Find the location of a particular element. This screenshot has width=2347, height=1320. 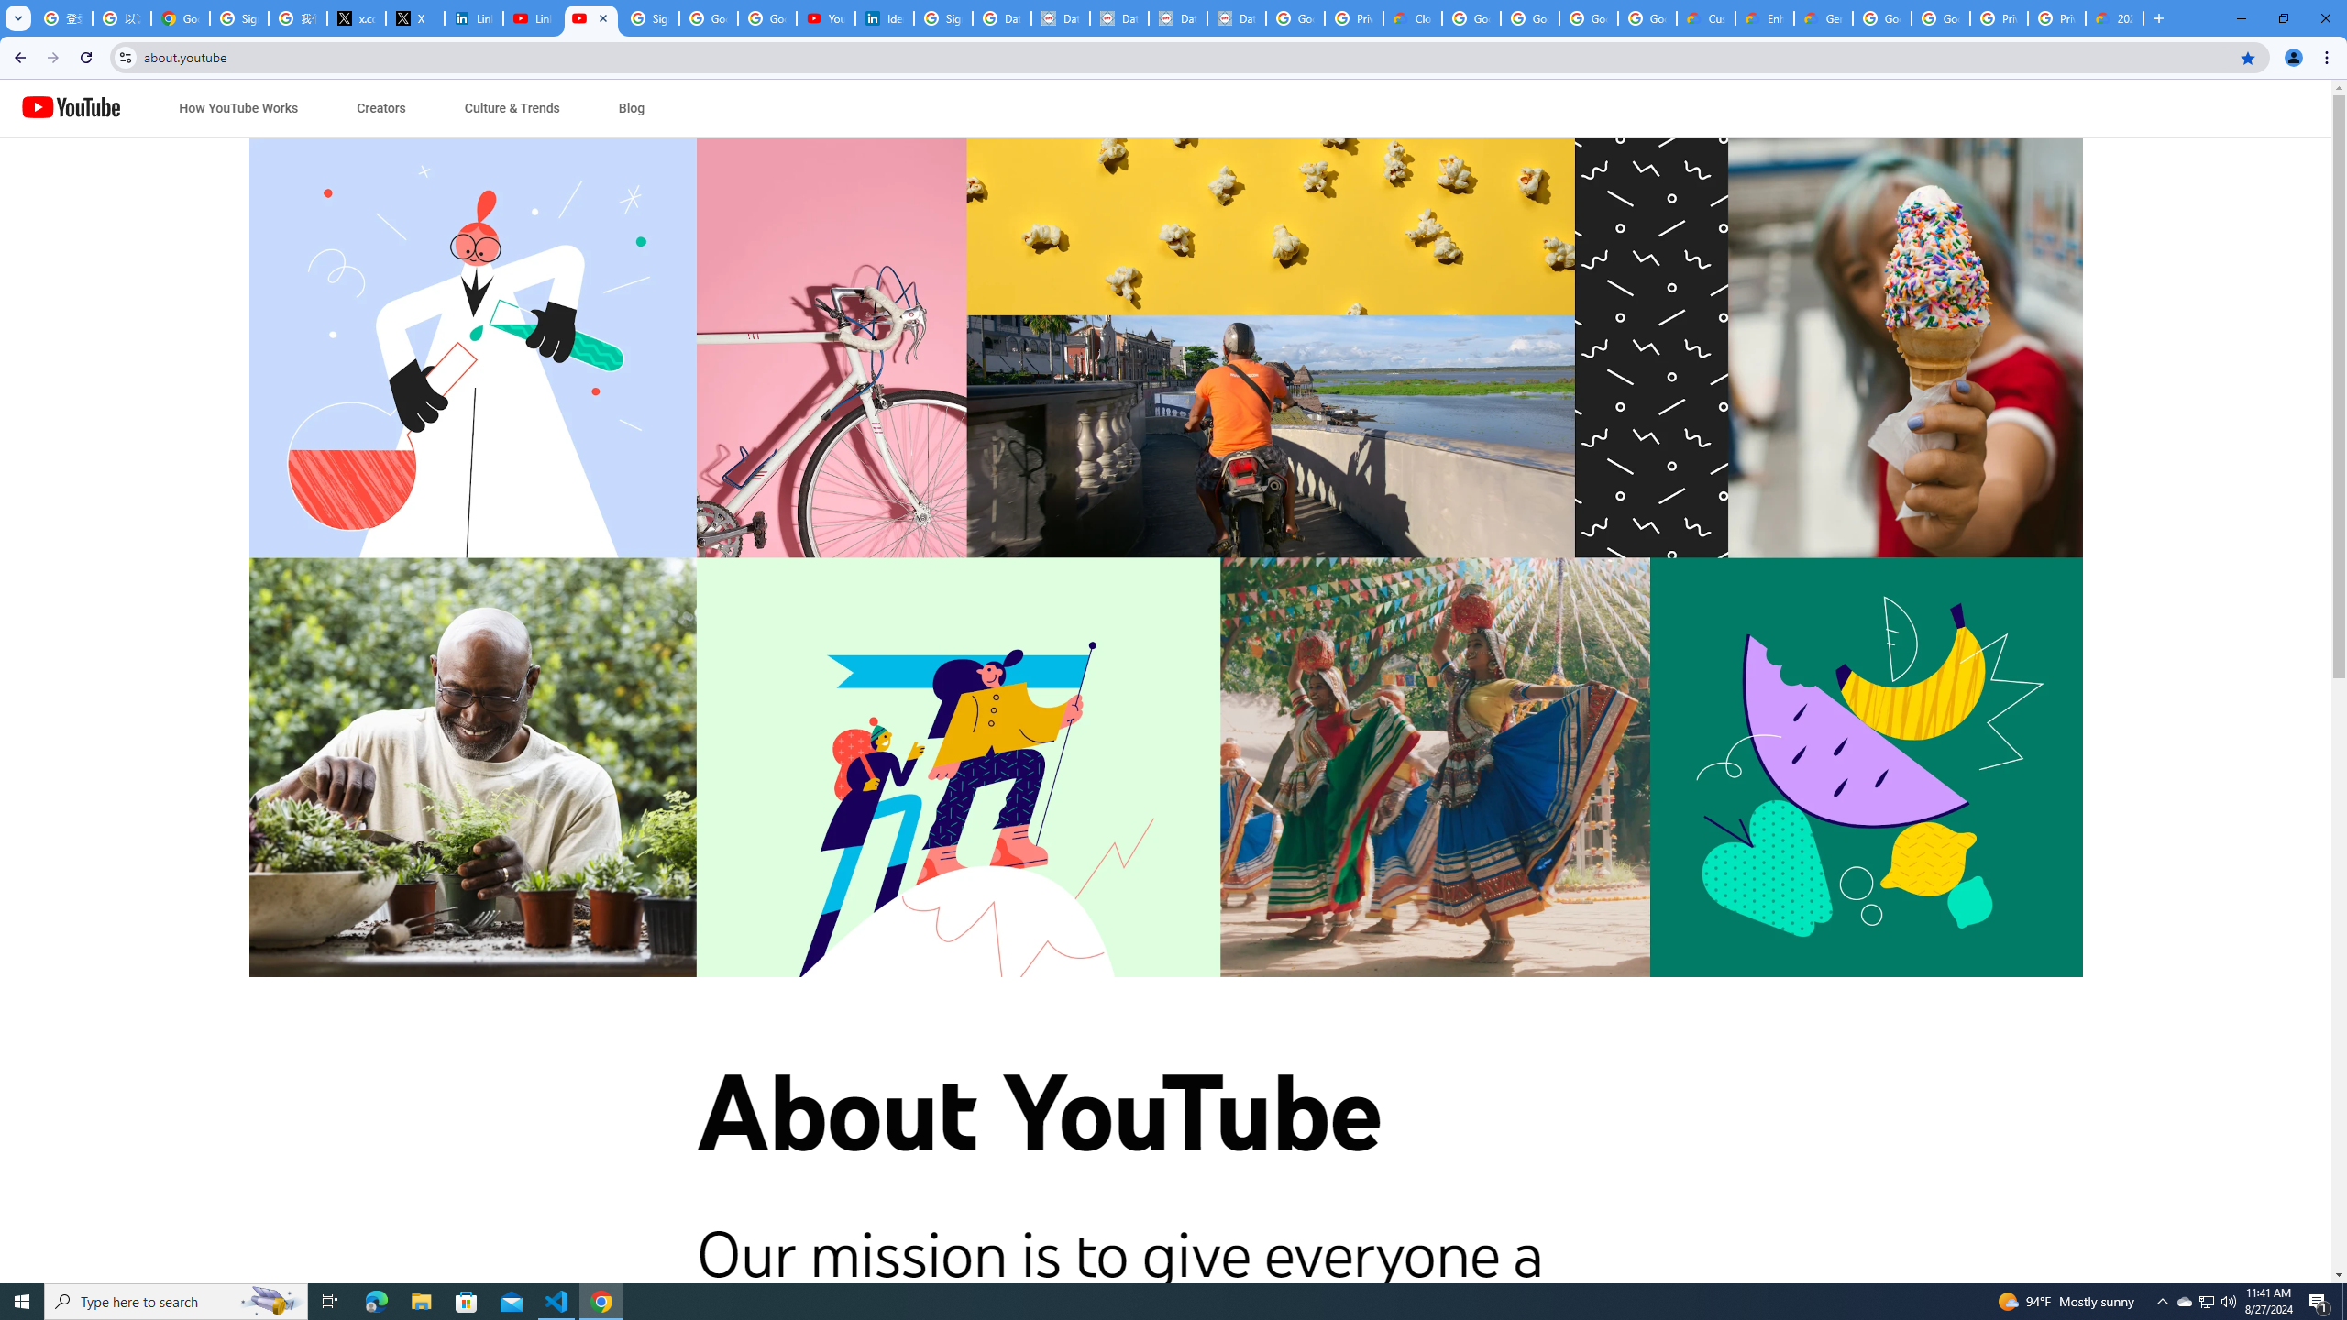

'LinkedIn - YouTube' is located at coordinates (532, 17).